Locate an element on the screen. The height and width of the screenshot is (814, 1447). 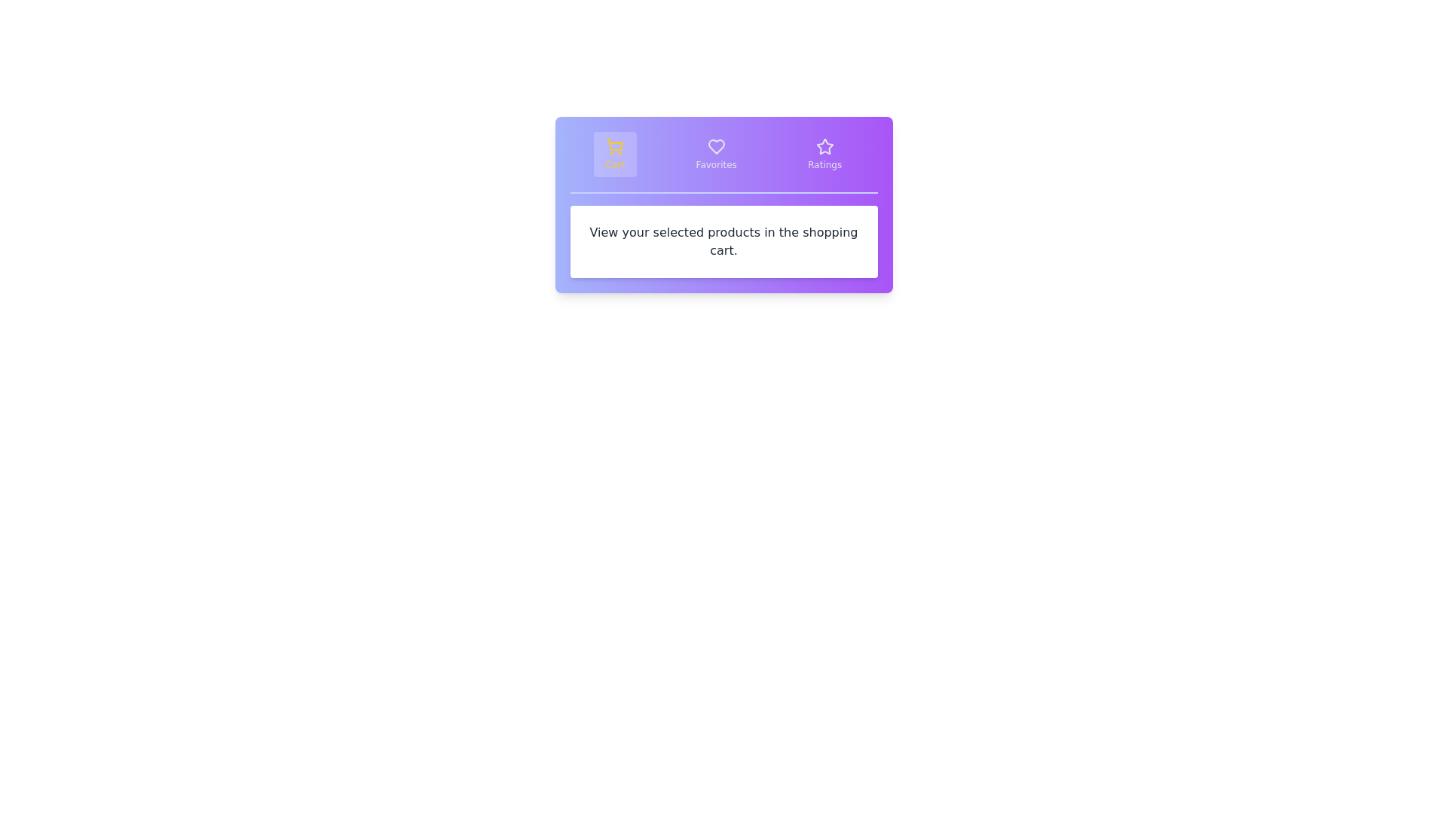
the informative text block that describes the shopping cart feature, located below the horizontal line divider and near other elements labeled 'Cart,' 'Favorites,' and 'Ratings.' is located at coordinates (723, 240).